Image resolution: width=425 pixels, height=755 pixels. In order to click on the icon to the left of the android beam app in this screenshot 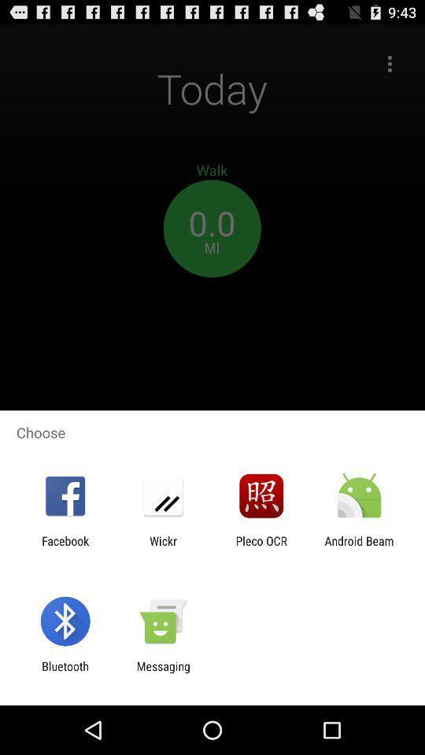, I will do `click(261, 547)`.